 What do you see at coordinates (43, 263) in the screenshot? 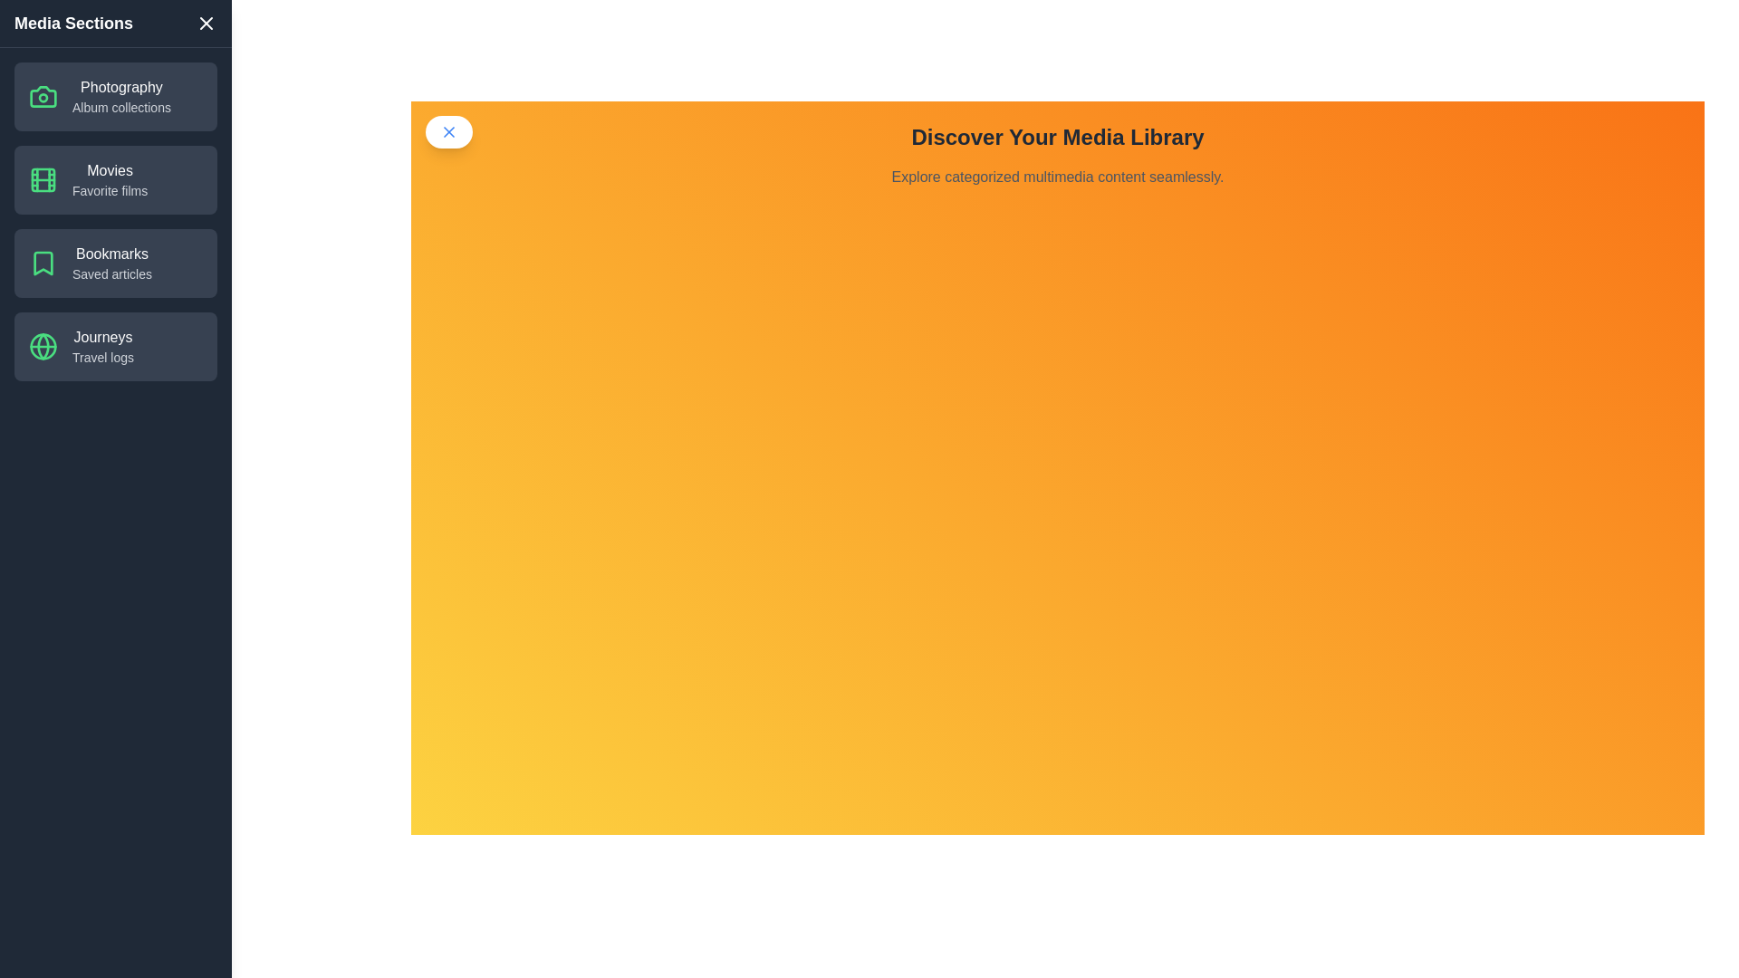
I see `the category item containing the icon for Bookmarks` at bounding box center [43, 263].